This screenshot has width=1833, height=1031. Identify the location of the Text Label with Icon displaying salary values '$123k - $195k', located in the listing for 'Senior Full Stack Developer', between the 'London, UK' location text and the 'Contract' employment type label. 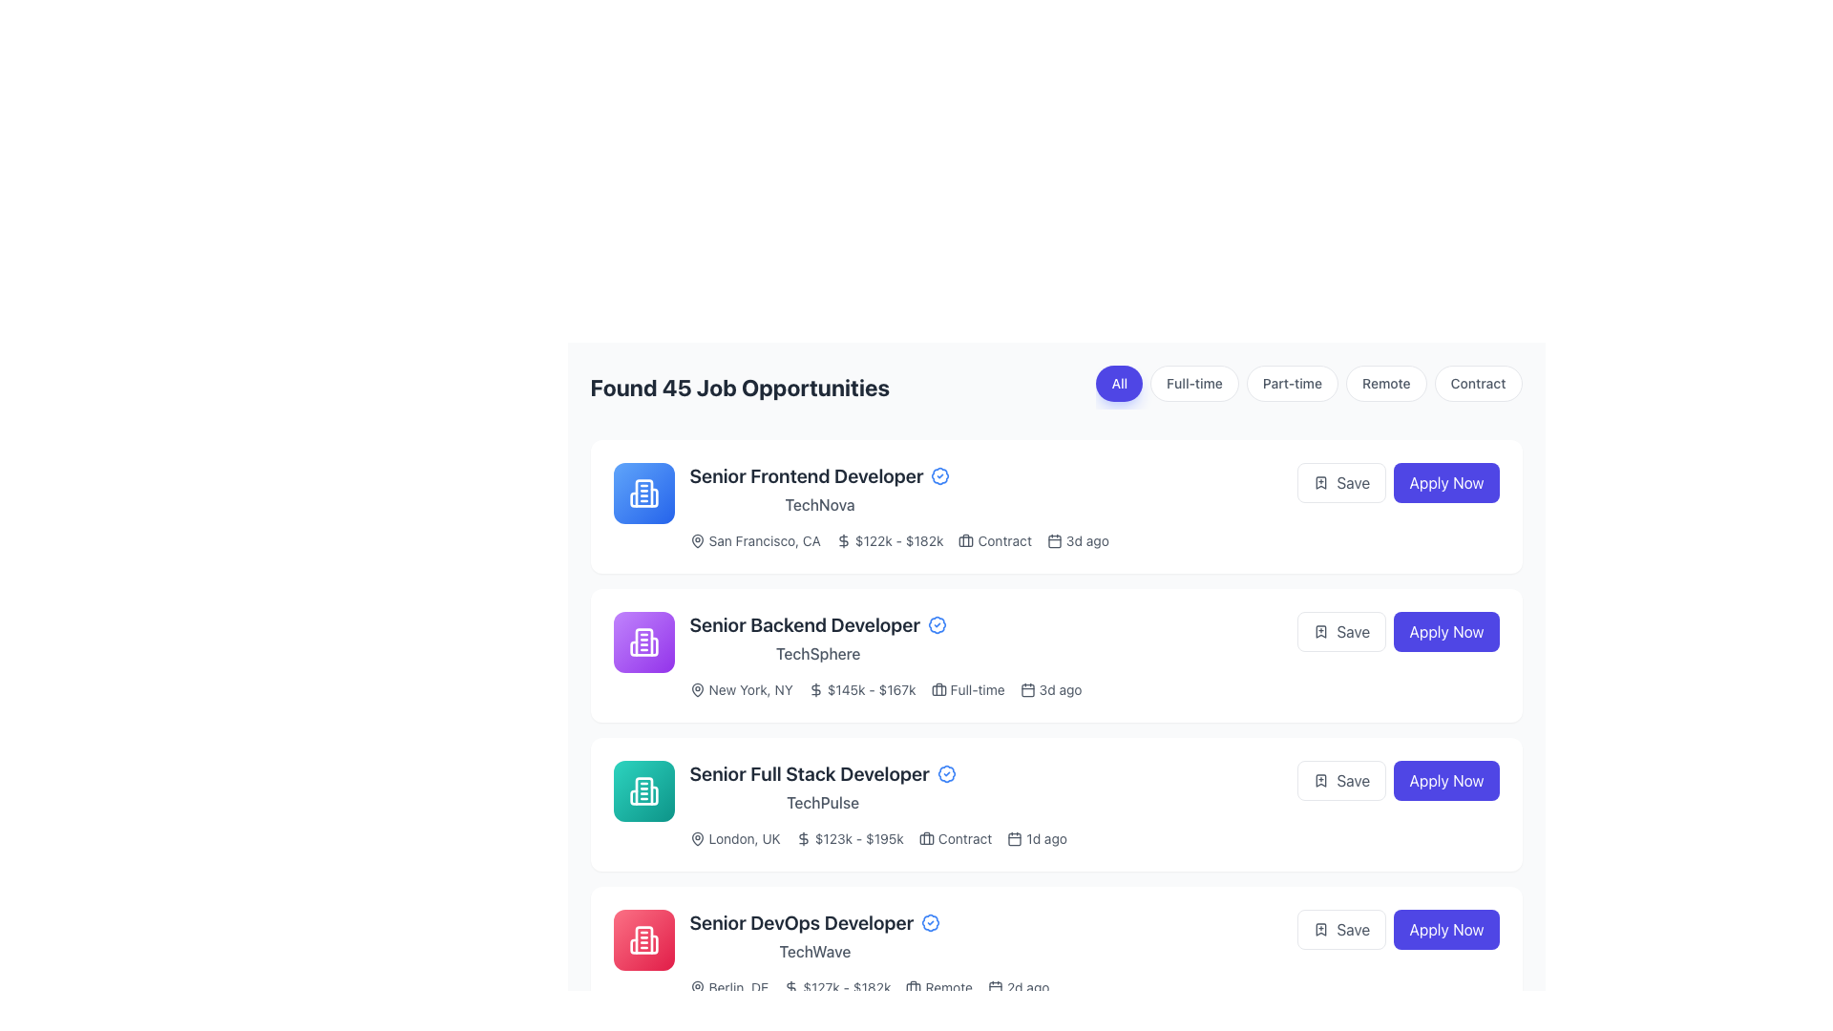
(849, 838).